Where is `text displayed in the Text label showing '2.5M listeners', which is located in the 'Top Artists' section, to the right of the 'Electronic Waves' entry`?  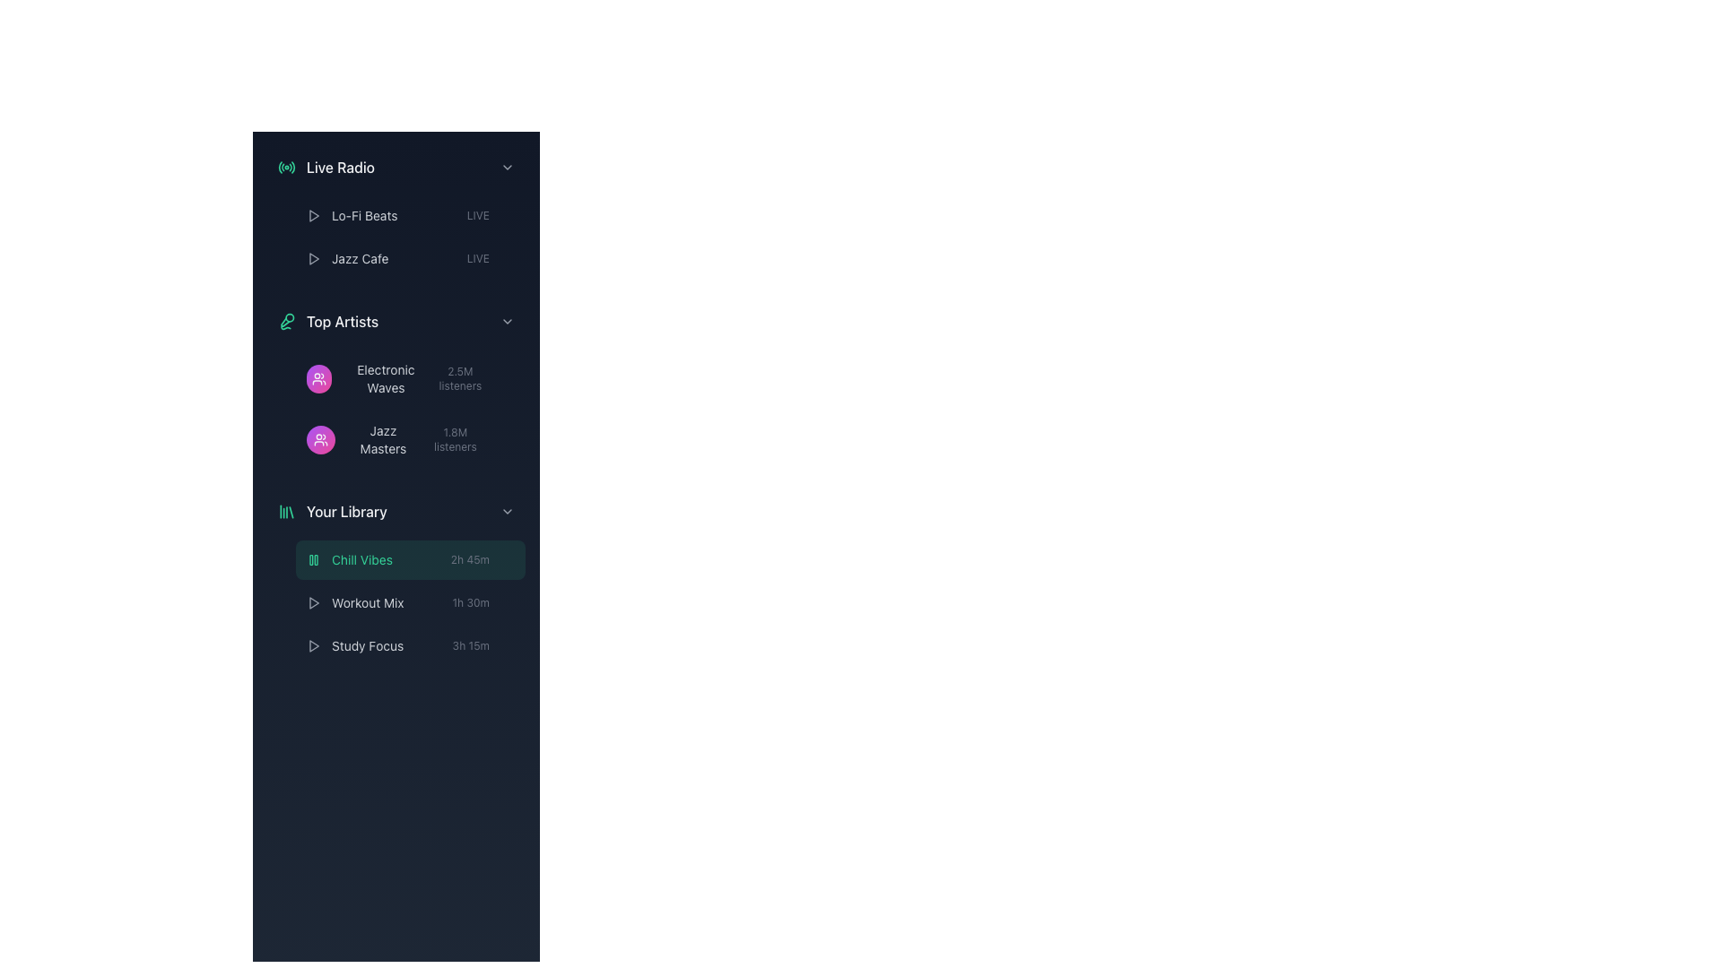 text displayed in the Text label showing '2.5M listeners', which is located in the 'Top Artists' section, to the right of the 'Electronic Waves' entry is located at coordinates (472, 378).